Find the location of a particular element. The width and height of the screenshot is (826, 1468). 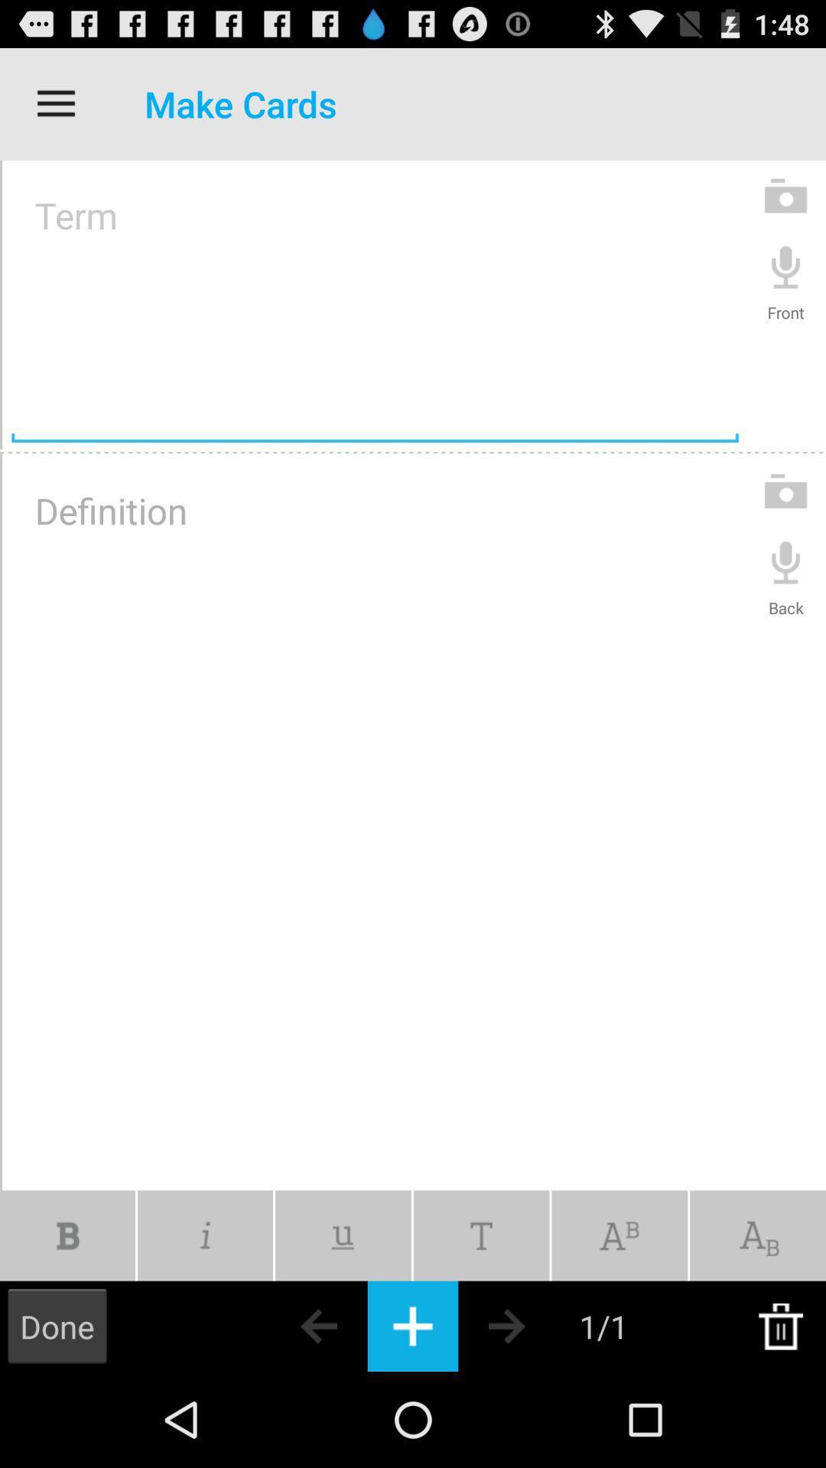

go forward is located at coordinates (533, 1325).